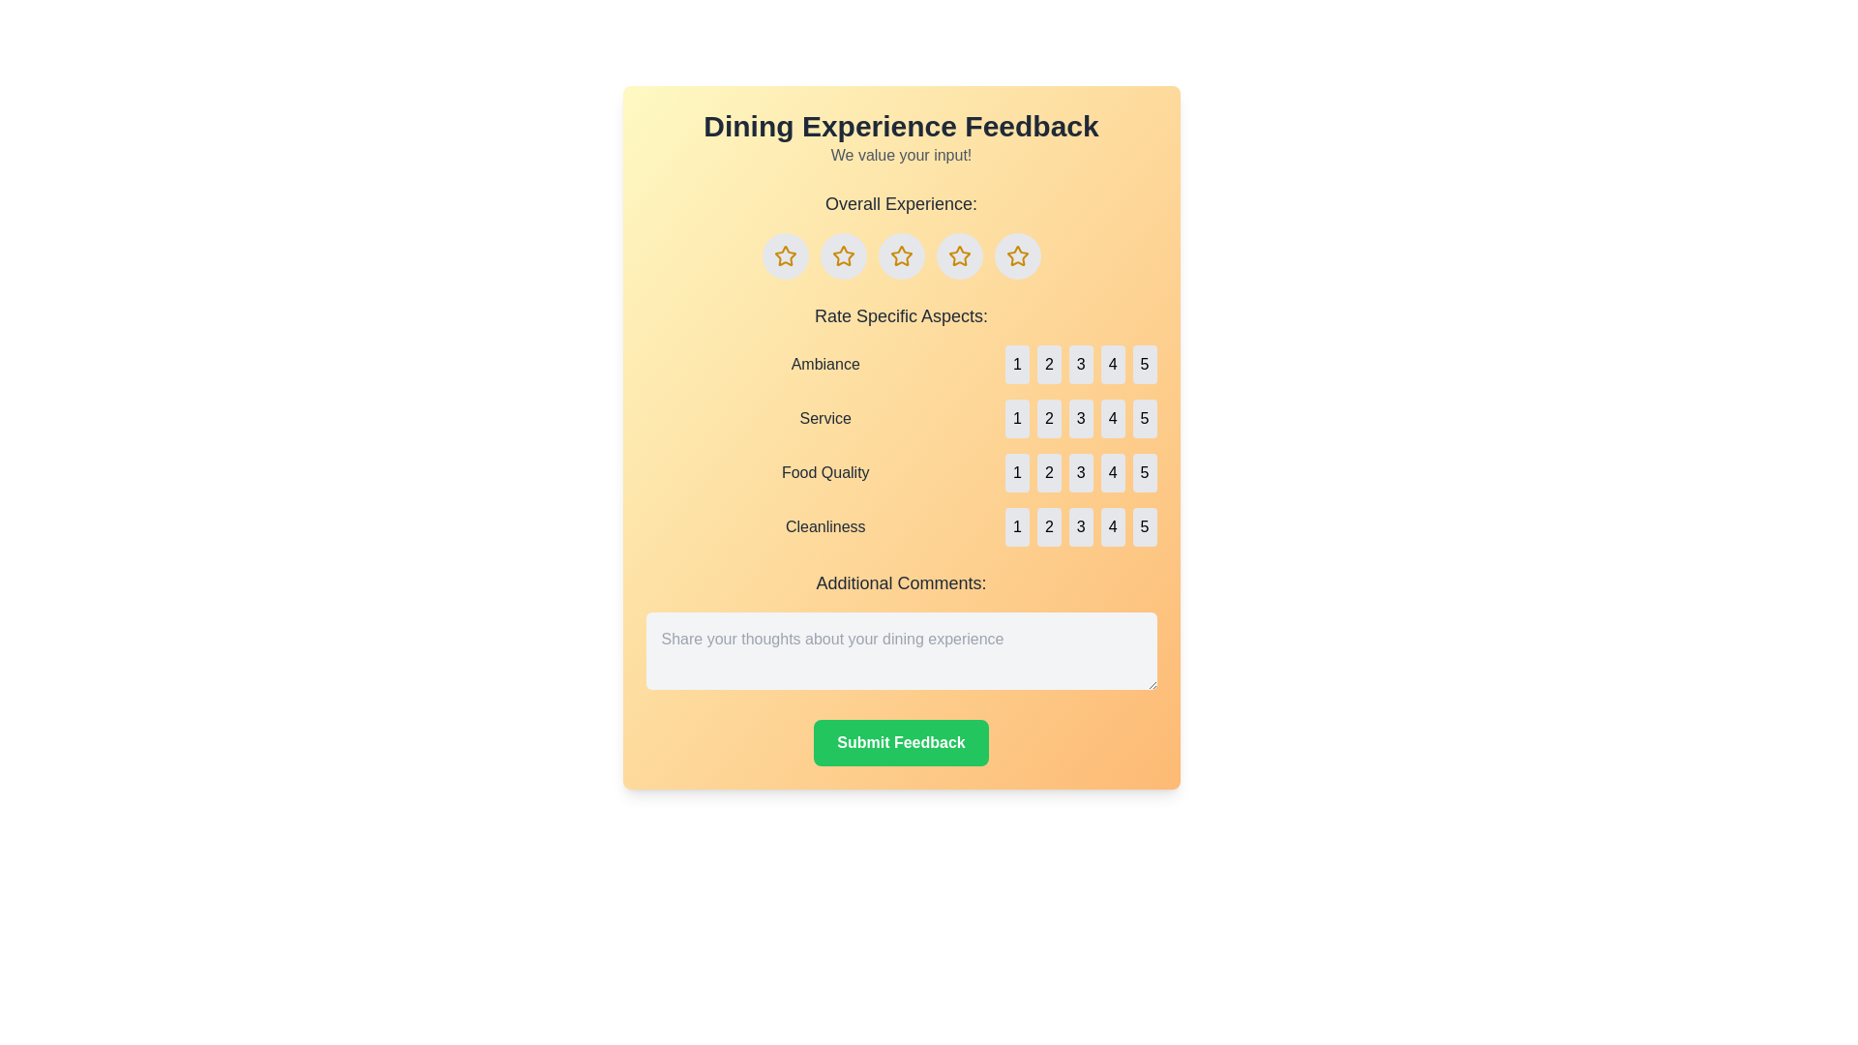 The image size is (1858, 1045). I want to click on the fourth button in the 'Food Quality' rating row, so click(1113, 473).